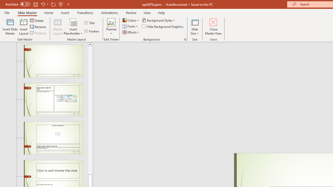 The height and width of the screenshot is (187, 333). I want to click on 'Insert Slide Master', so click(10, 27).